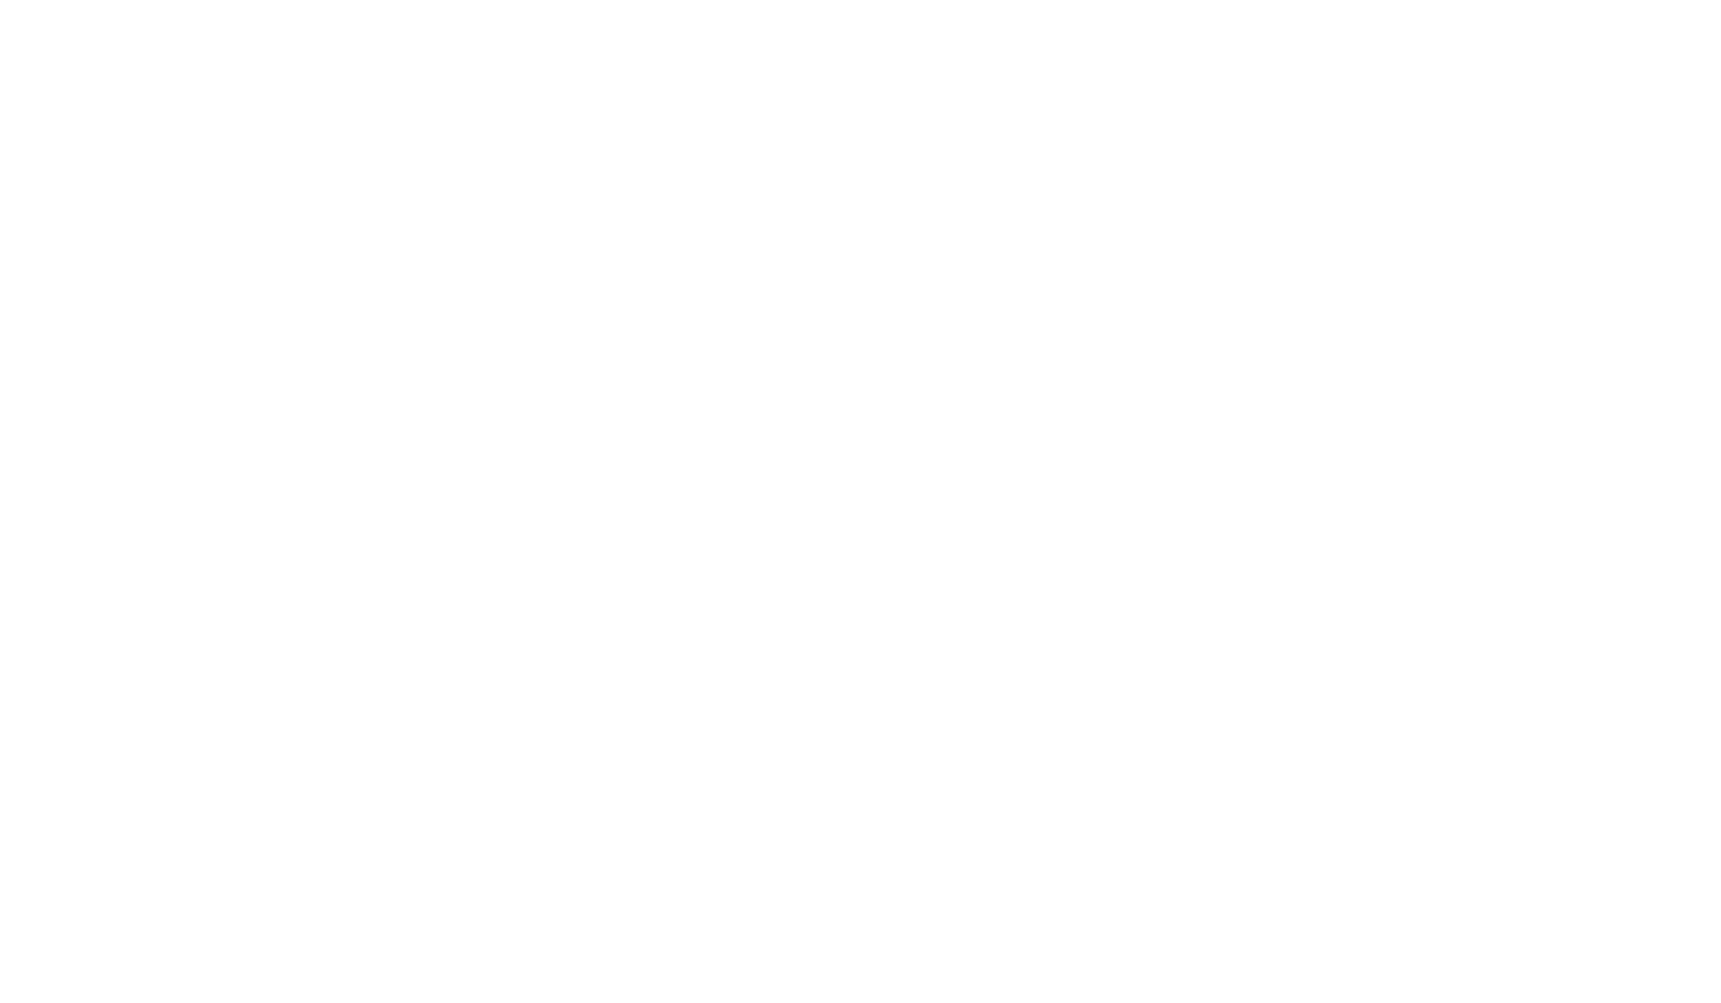  I want to click on 'Description', so click(769, 305).